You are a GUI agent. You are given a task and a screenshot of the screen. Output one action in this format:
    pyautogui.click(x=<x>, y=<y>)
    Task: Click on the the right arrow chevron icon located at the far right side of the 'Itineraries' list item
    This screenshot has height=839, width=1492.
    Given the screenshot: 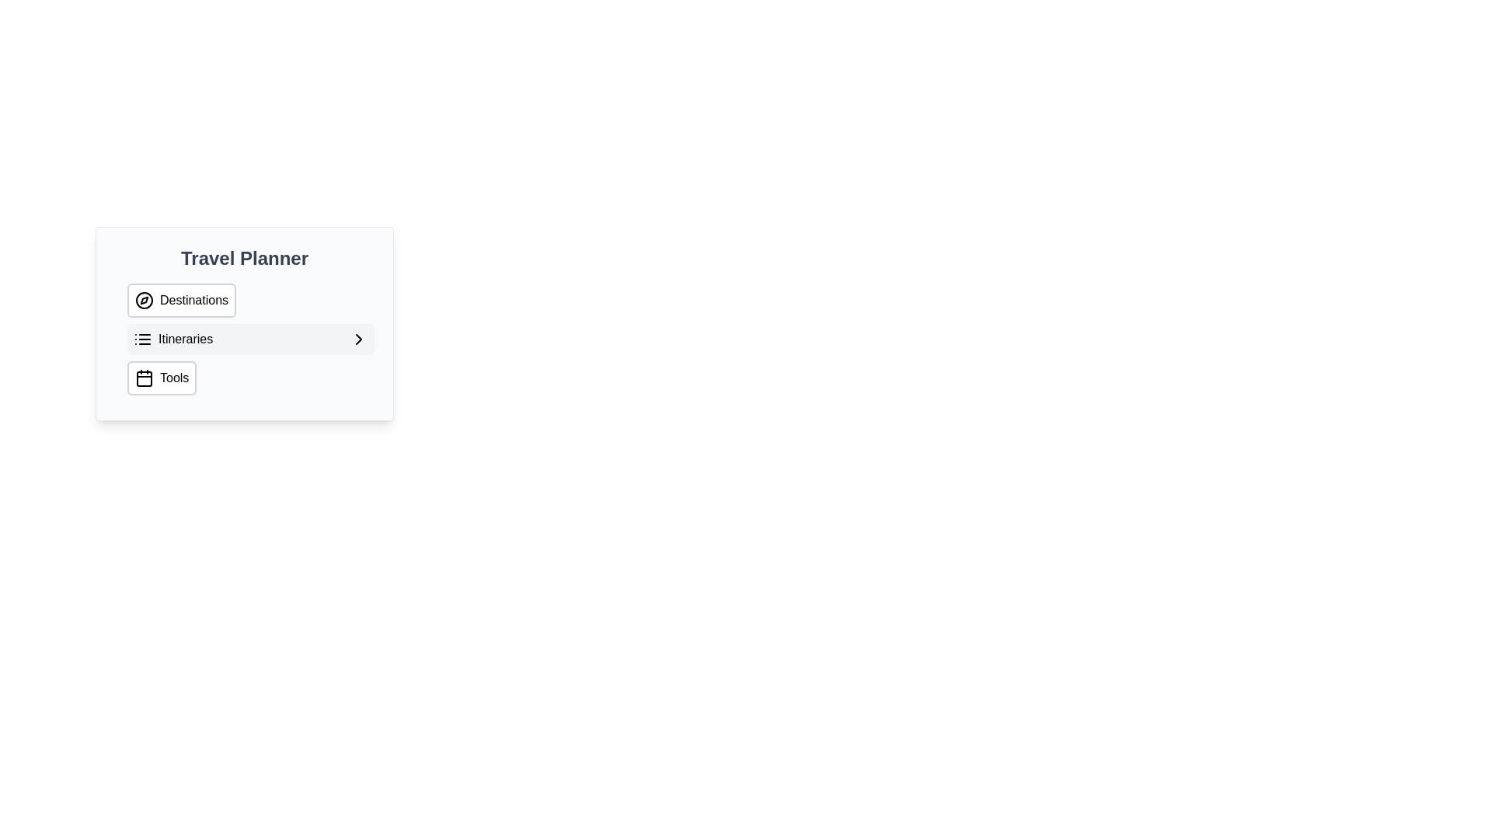 What is the action you would take?
    pyautogui.click(x=357, y=338)
    